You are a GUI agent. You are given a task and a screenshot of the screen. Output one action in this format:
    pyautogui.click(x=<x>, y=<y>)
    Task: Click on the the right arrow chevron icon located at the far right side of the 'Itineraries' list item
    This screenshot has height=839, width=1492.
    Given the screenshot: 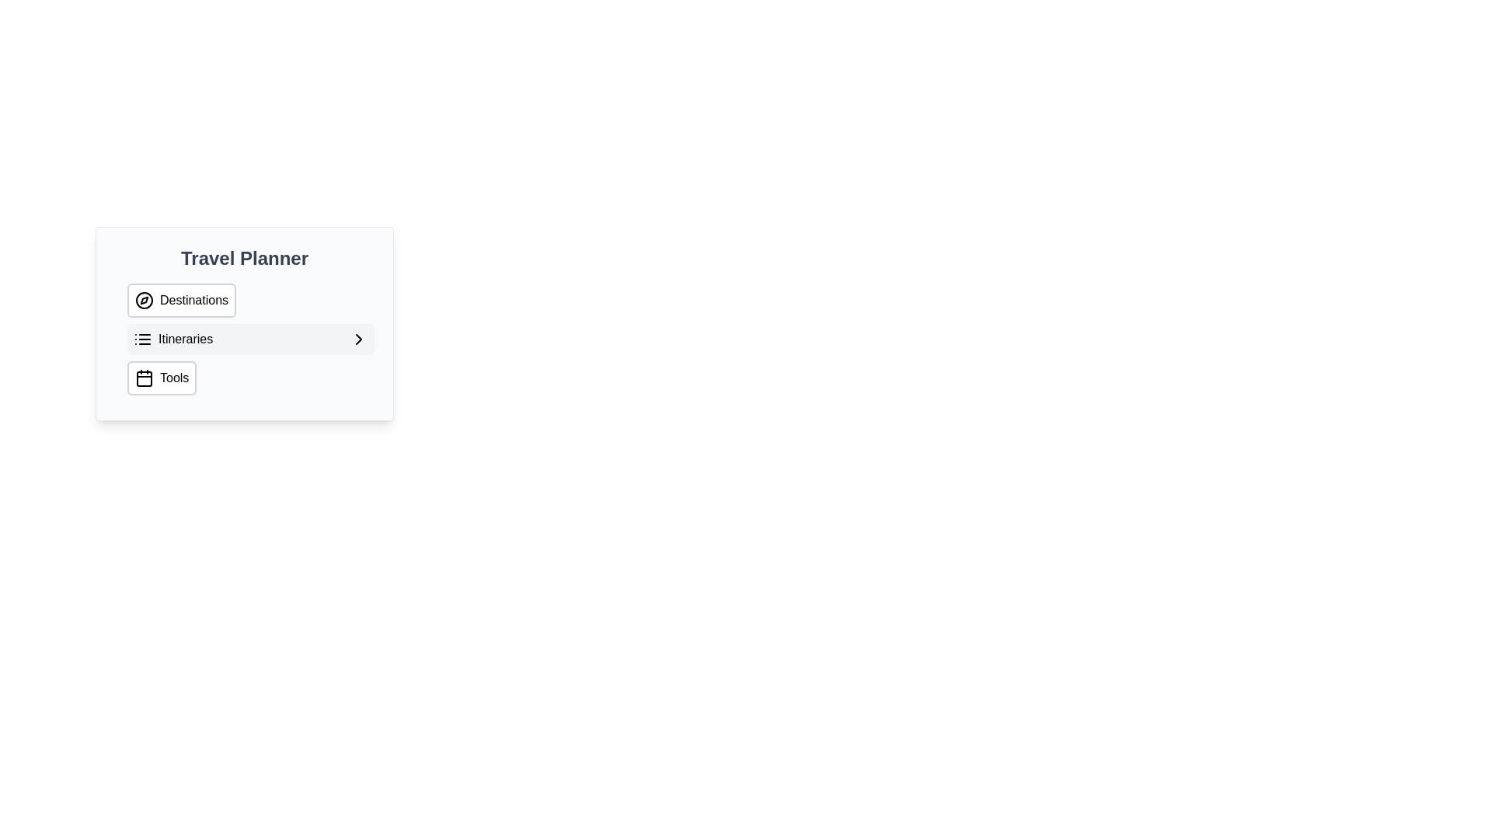 What is the action you would take?
    pyautogui.click(x=357, y=338)
    